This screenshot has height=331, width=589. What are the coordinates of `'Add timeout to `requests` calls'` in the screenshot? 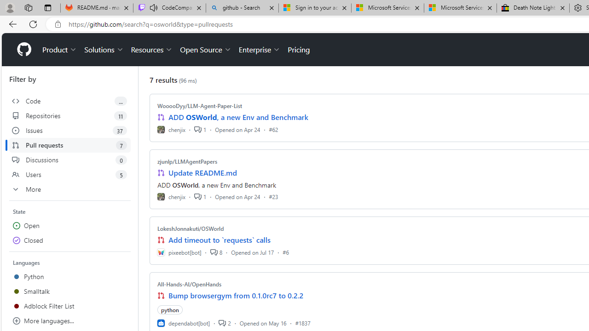 It's located at (219, 240).